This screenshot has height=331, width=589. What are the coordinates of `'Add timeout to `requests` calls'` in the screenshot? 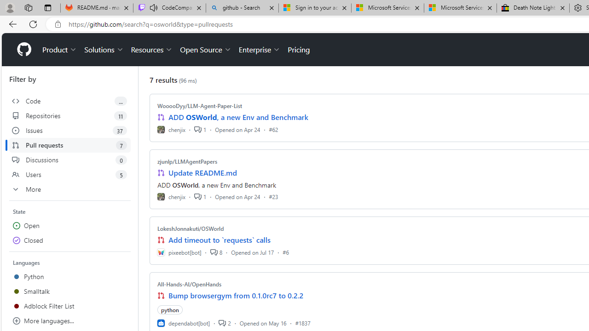 It's located at (219, 240).